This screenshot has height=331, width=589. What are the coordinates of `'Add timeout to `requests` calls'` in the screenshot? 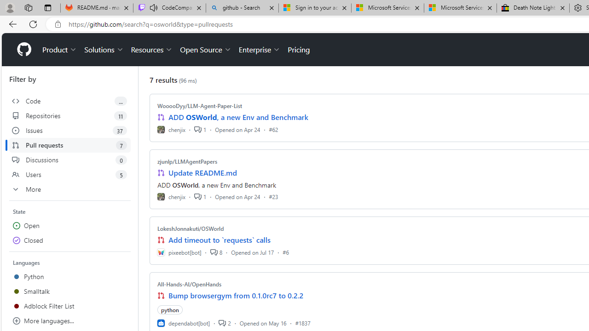 It's located at (219, 240).